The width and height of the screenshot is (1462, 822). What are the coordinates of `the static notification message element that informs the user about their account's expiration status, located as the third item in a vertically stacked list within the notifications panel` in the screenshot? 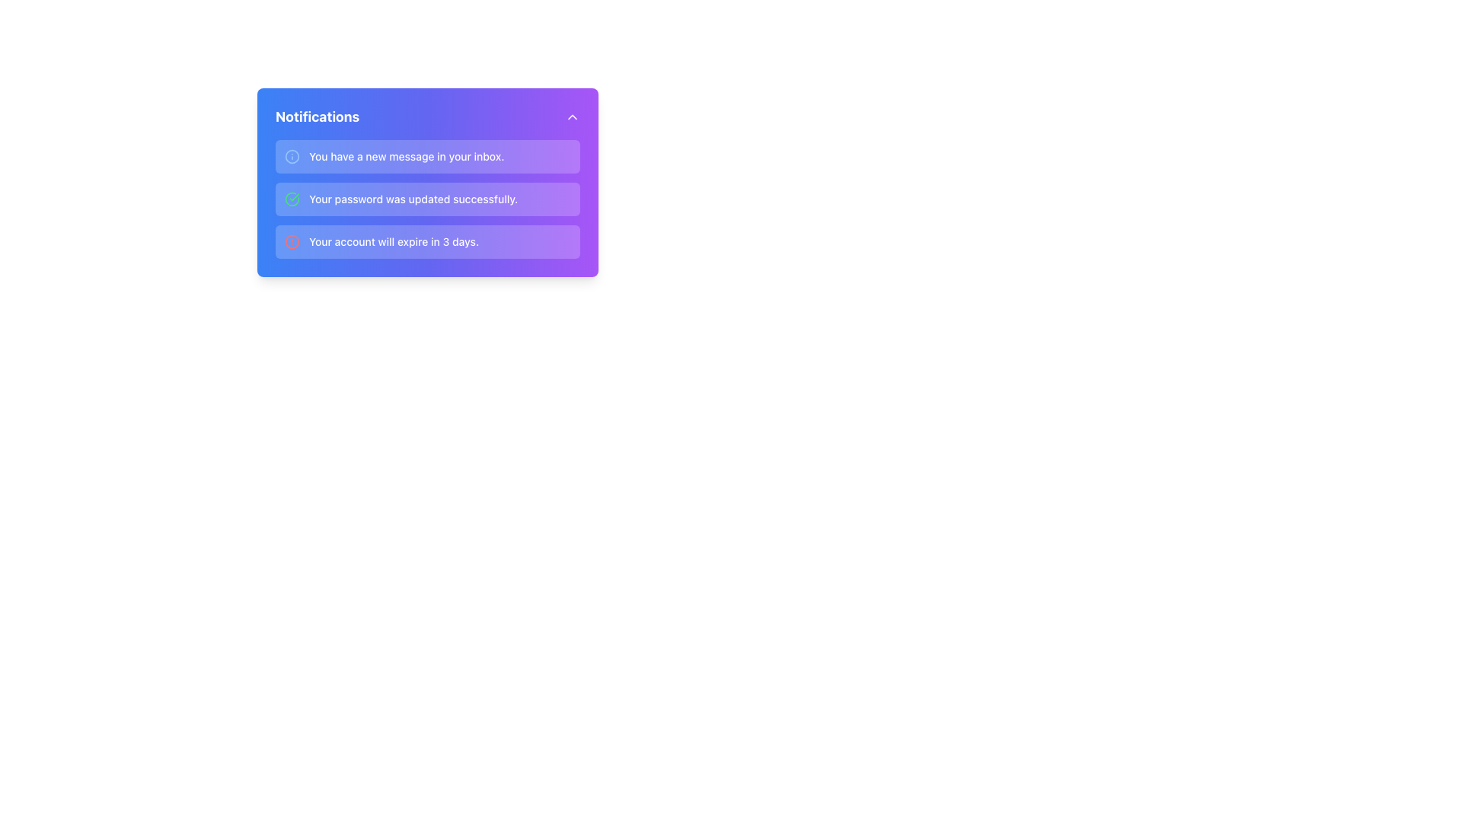 It's located at (394, 241).